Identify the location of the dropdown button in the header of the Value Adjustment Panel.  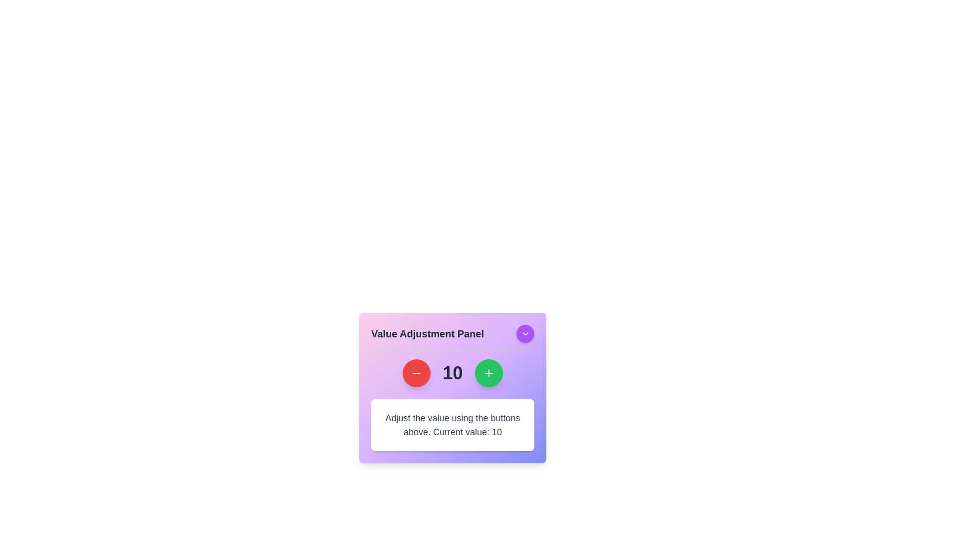
(452, 337).